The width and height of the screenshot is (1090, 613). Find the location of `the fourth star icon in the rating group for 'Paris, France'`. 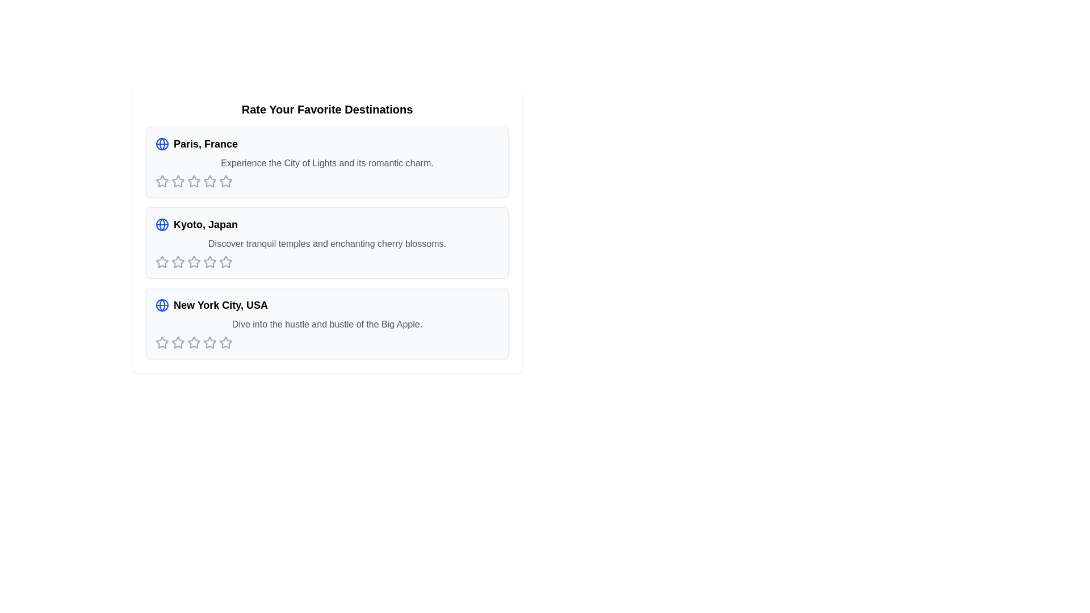

the fourth star icon in the rating group for 'Paris, France' is located at coordinates (194, 181).